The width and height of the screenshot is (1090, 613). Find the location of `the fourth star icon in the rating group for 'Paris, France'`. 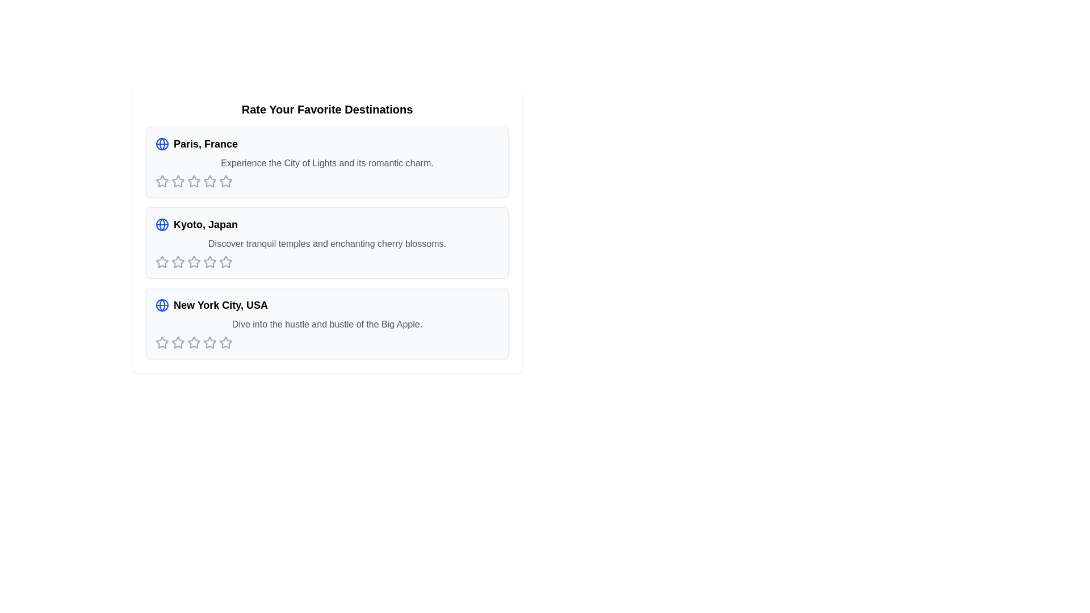

the fourth star icon in the rating group for 'Paris, France' is located at coordinates (194, 181).